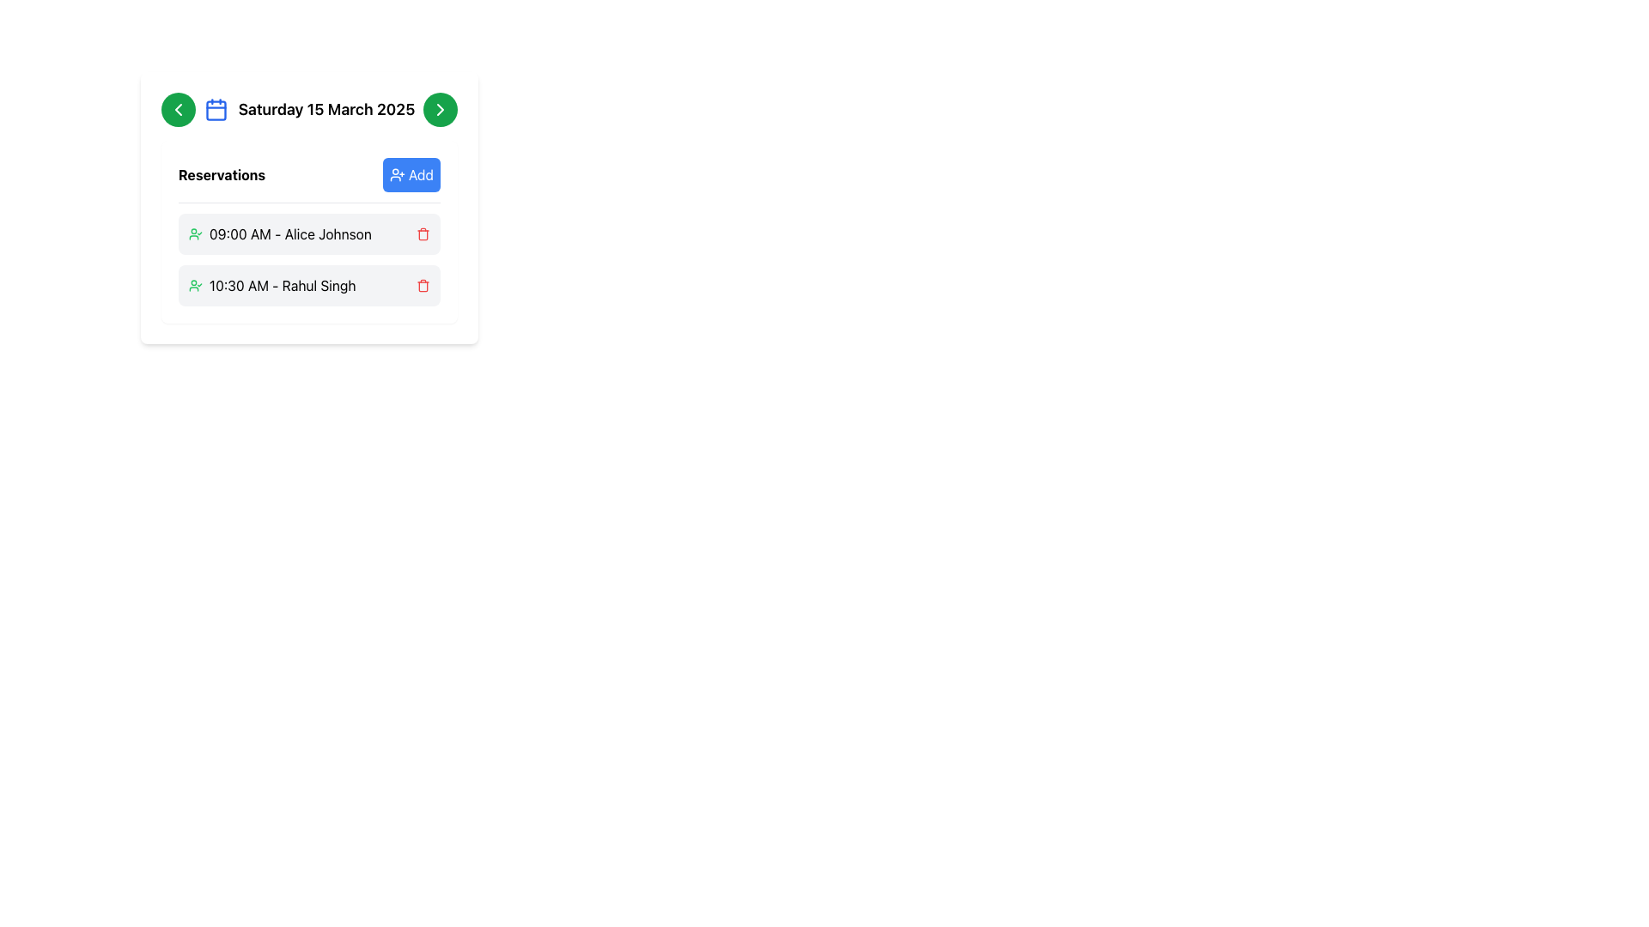 The width and height of the screenshot is (1649, 927). Describe the element at coordinates (195, 234) in the screenshot. I see `the green user-check icon located next to the text '09:00 AM - Alice Johnson' in the Reservations section` at that location.